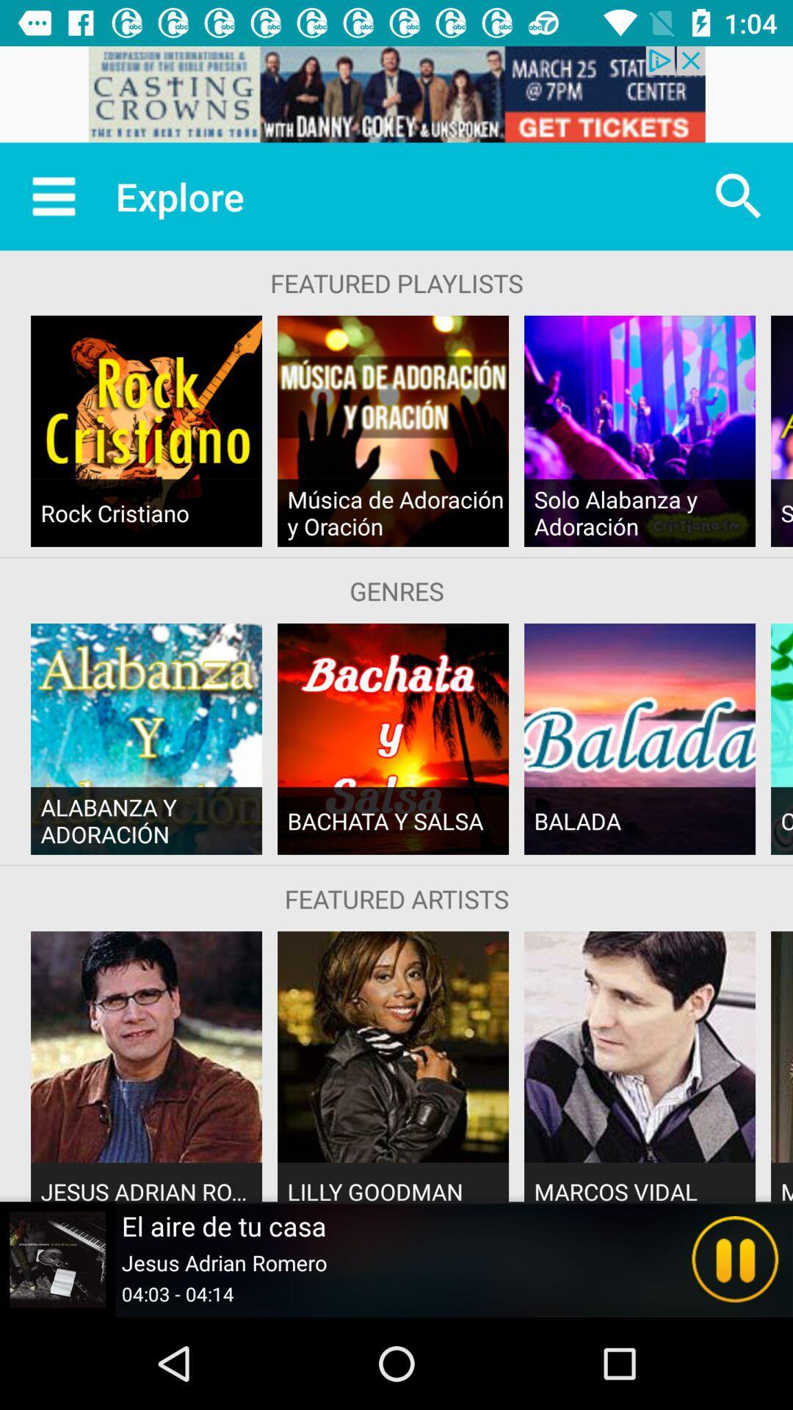  I want to click on the pause icon, so click(735, 1259).